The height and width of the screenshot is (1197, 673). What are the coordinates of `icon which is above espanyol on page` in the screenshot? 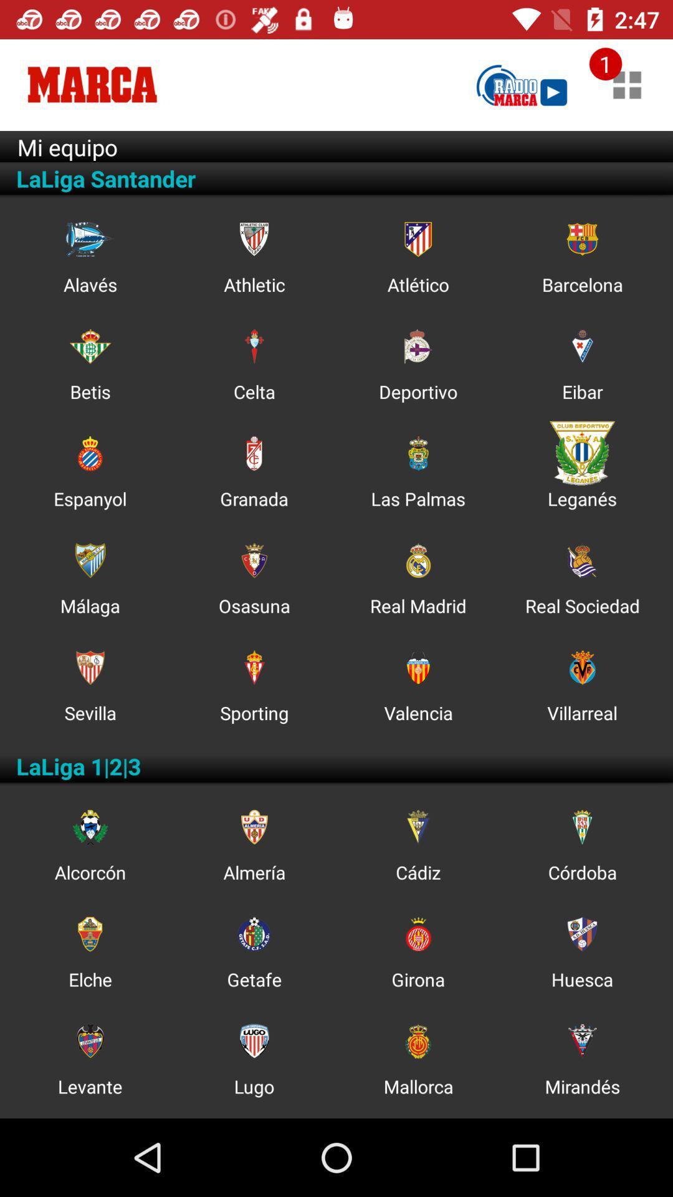 It's located at (89, 453).